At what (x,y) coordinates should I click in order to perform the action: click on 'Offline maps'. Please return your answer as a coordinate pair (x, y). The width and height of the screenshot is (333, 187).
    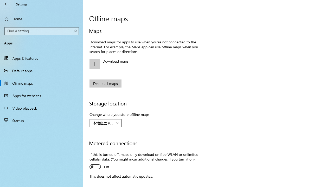
    Looking at the image, I should click on (42, 83).